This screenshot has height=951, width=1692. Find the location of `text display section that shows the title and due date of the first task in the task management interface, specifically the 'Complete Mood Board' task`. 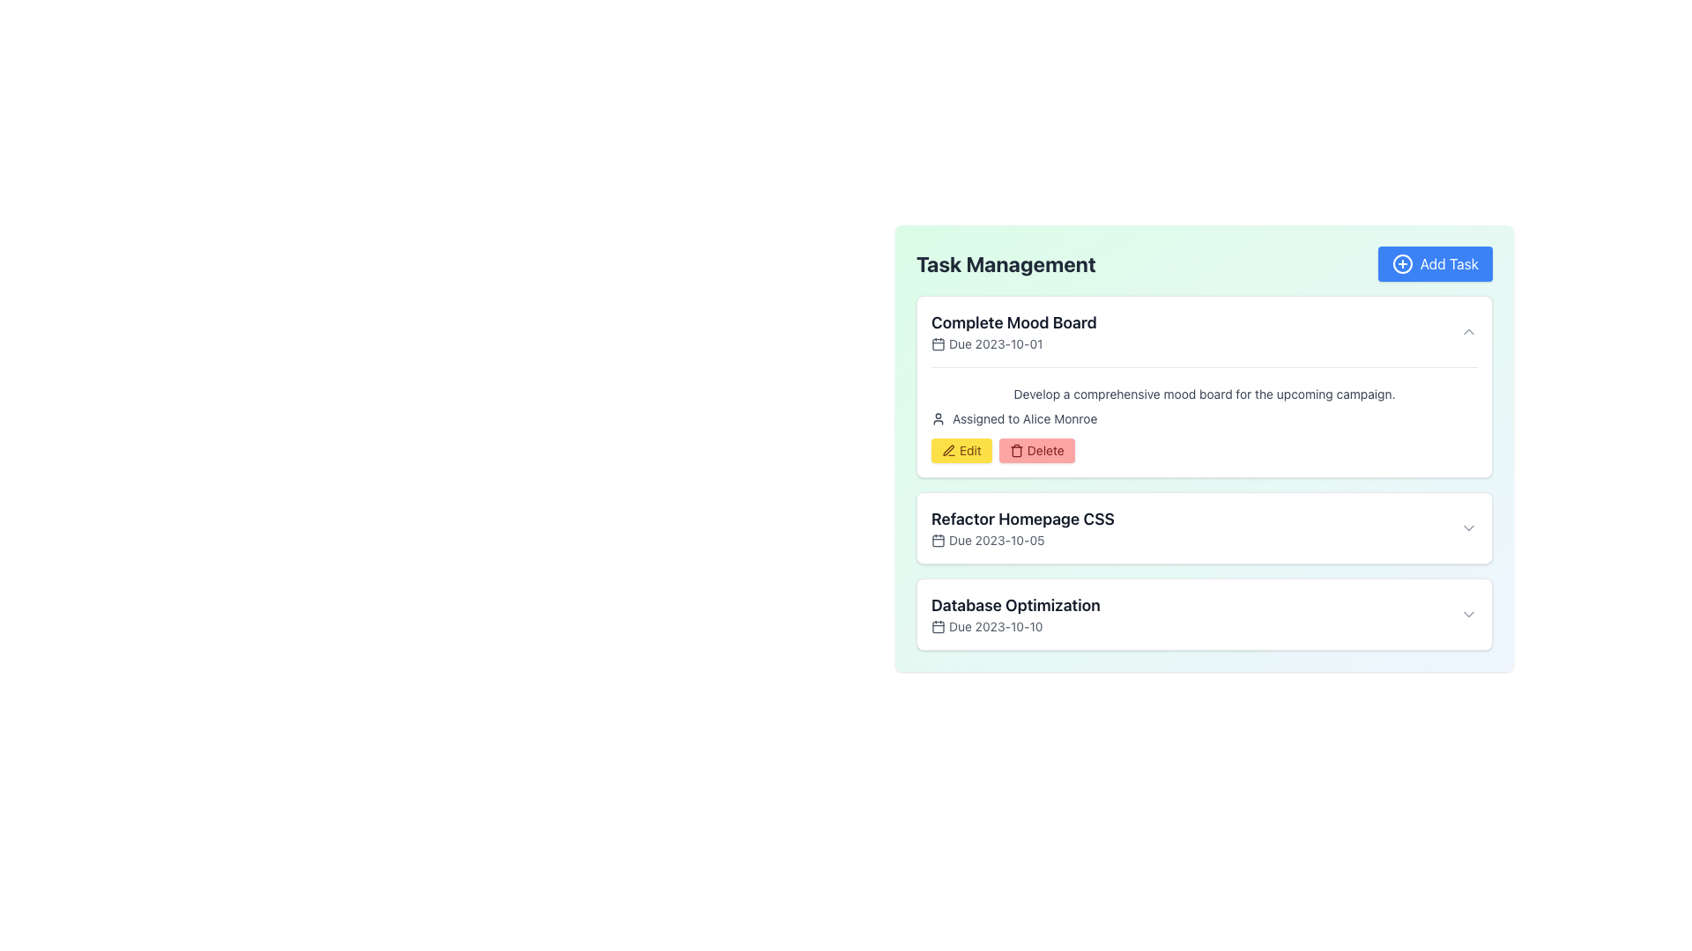

text display section that shows the title and due date of the first task in the task management interface, specifically the 'Complete Mood Board' task is located at coordinates (1013, 332).